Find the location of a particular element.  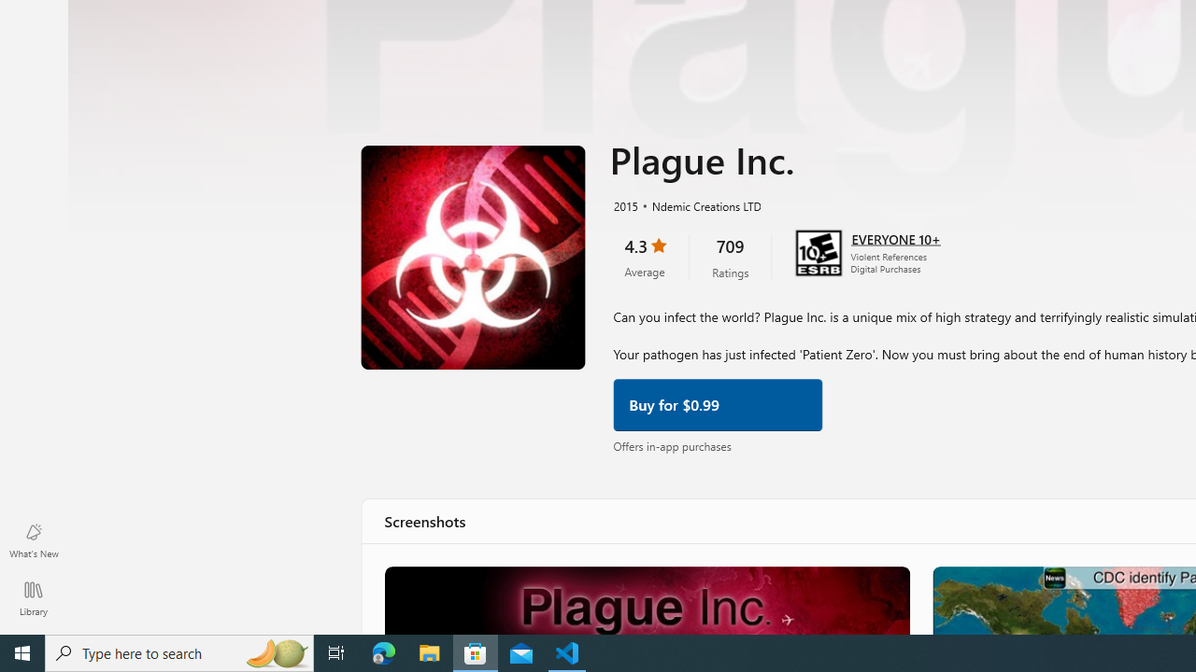

'Screenshot 1' is located at coordinates (646, 599).